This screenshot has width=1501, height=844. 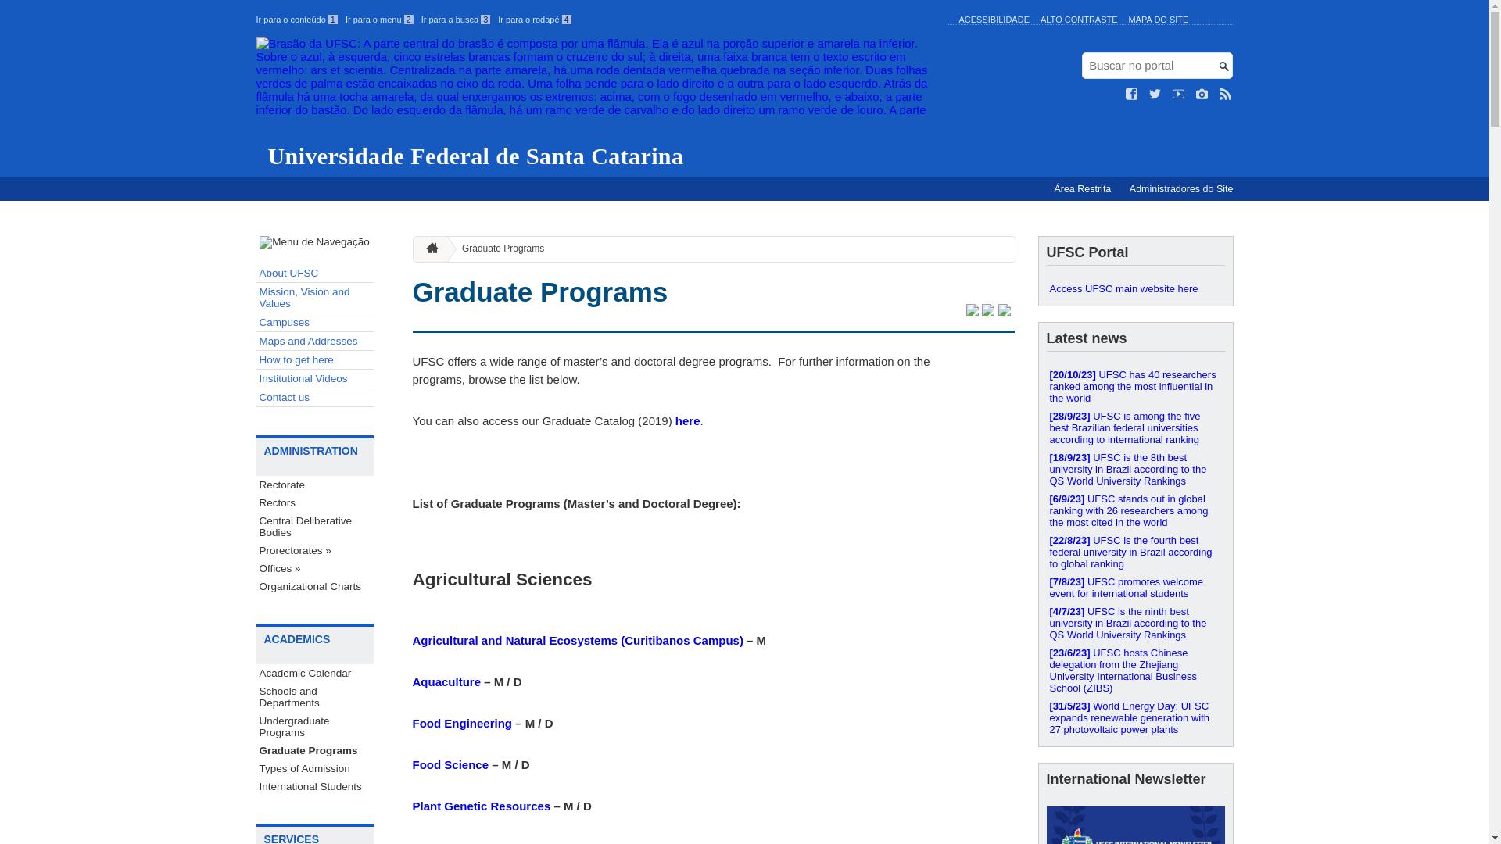 I want to click on 'here', so click(x=687, y=420).